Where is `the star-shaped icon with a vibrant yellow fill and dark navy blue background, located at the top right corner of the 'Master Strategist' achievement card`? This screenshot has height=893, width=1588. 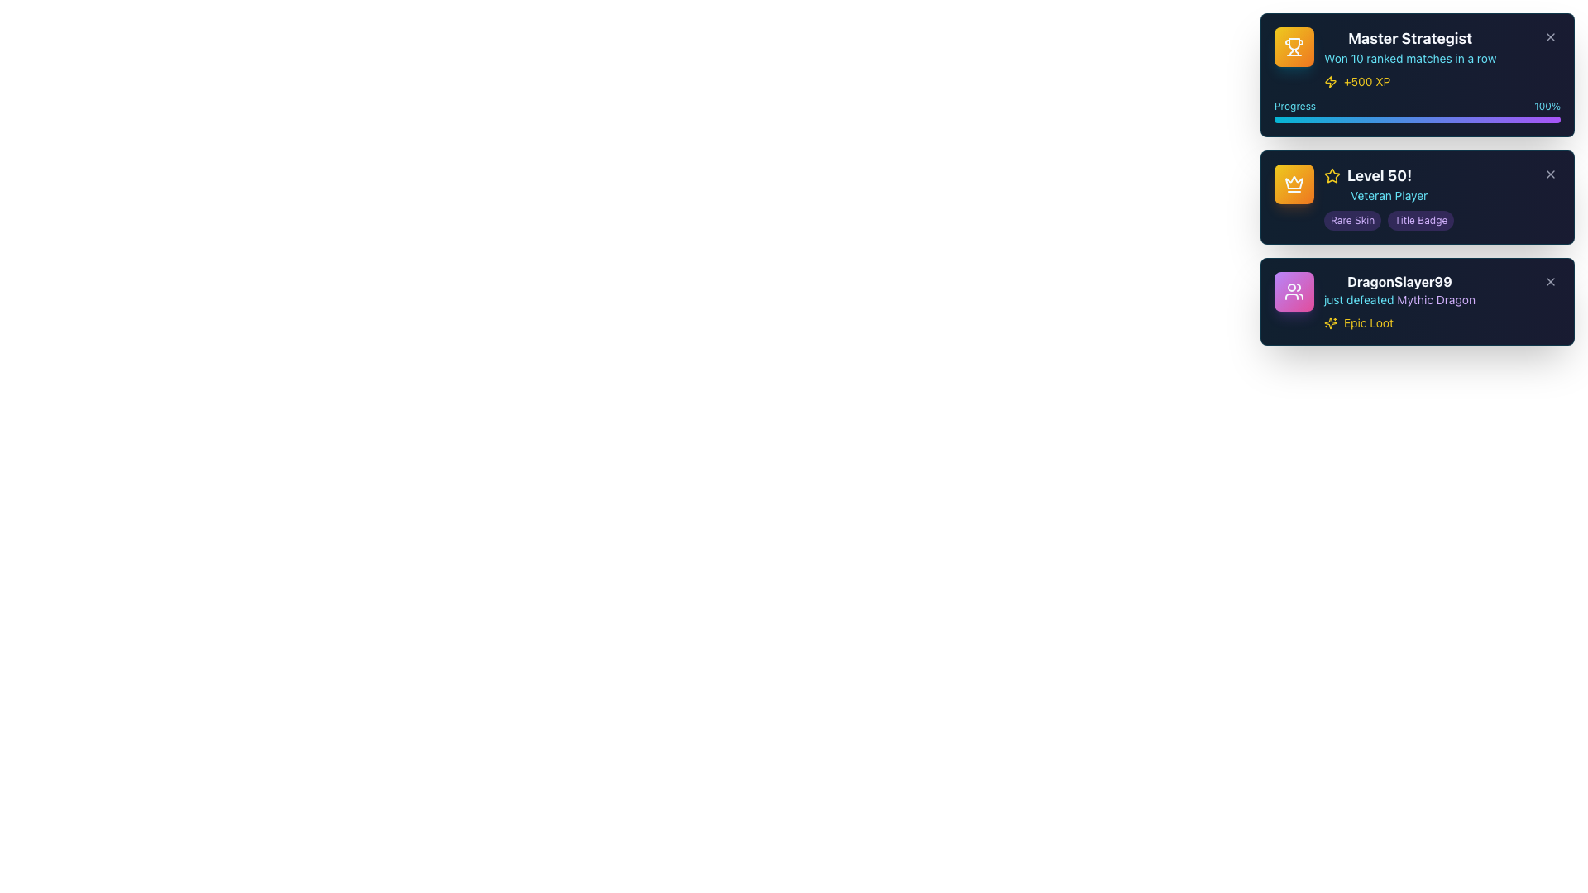
the star-shaped icon with a vibrant yellow fill and dark navy blue background, located at the top right corner of the 'Master Strategist' achievement card is located at coordinates (1332, 175).